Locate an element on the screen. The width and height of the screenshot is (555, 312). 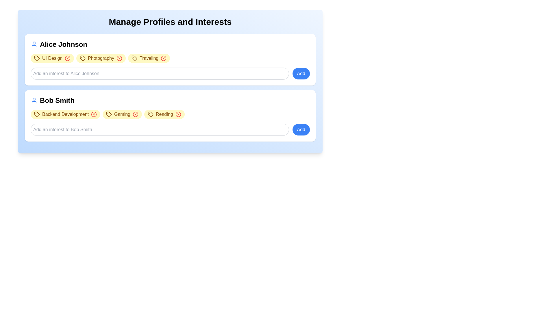
the circular cancel or close button located within the 'Photography' interest tag in the 'Alice Johnson' section is located at coordinates (119, 58).